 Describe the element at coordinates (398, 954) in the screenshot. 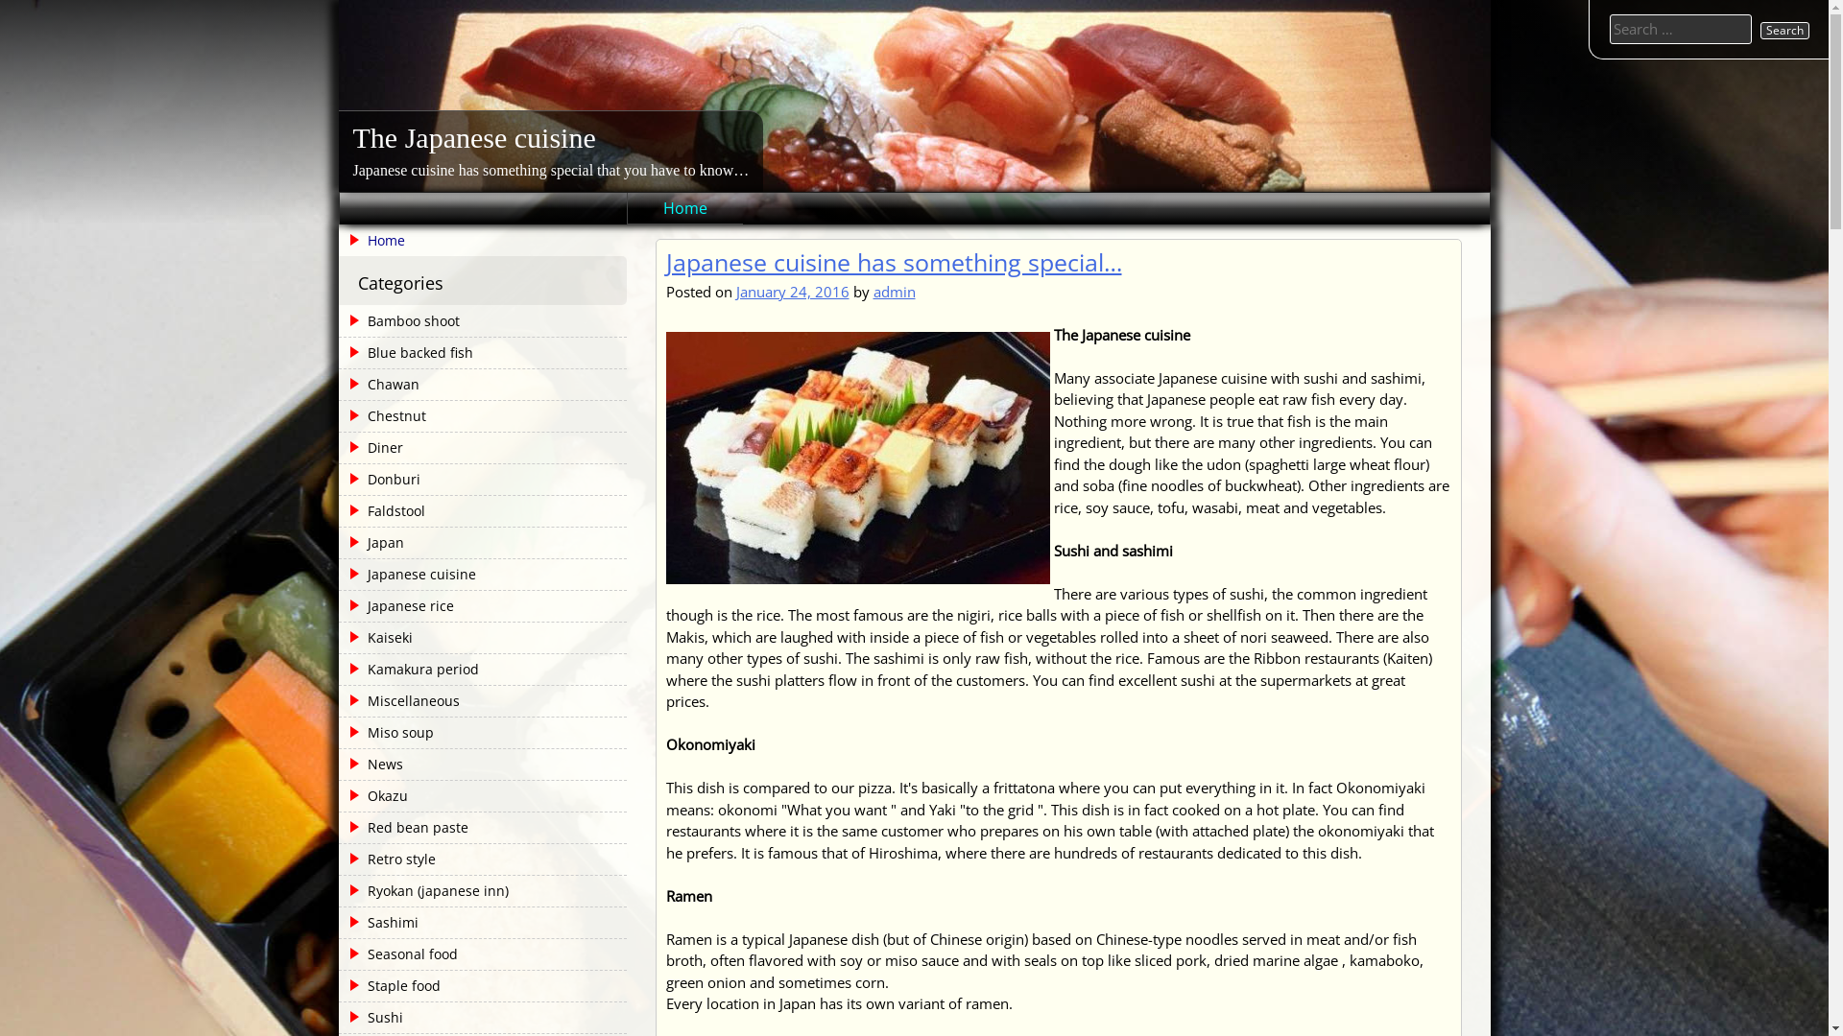

I see `'Seasonal food'` at that location.